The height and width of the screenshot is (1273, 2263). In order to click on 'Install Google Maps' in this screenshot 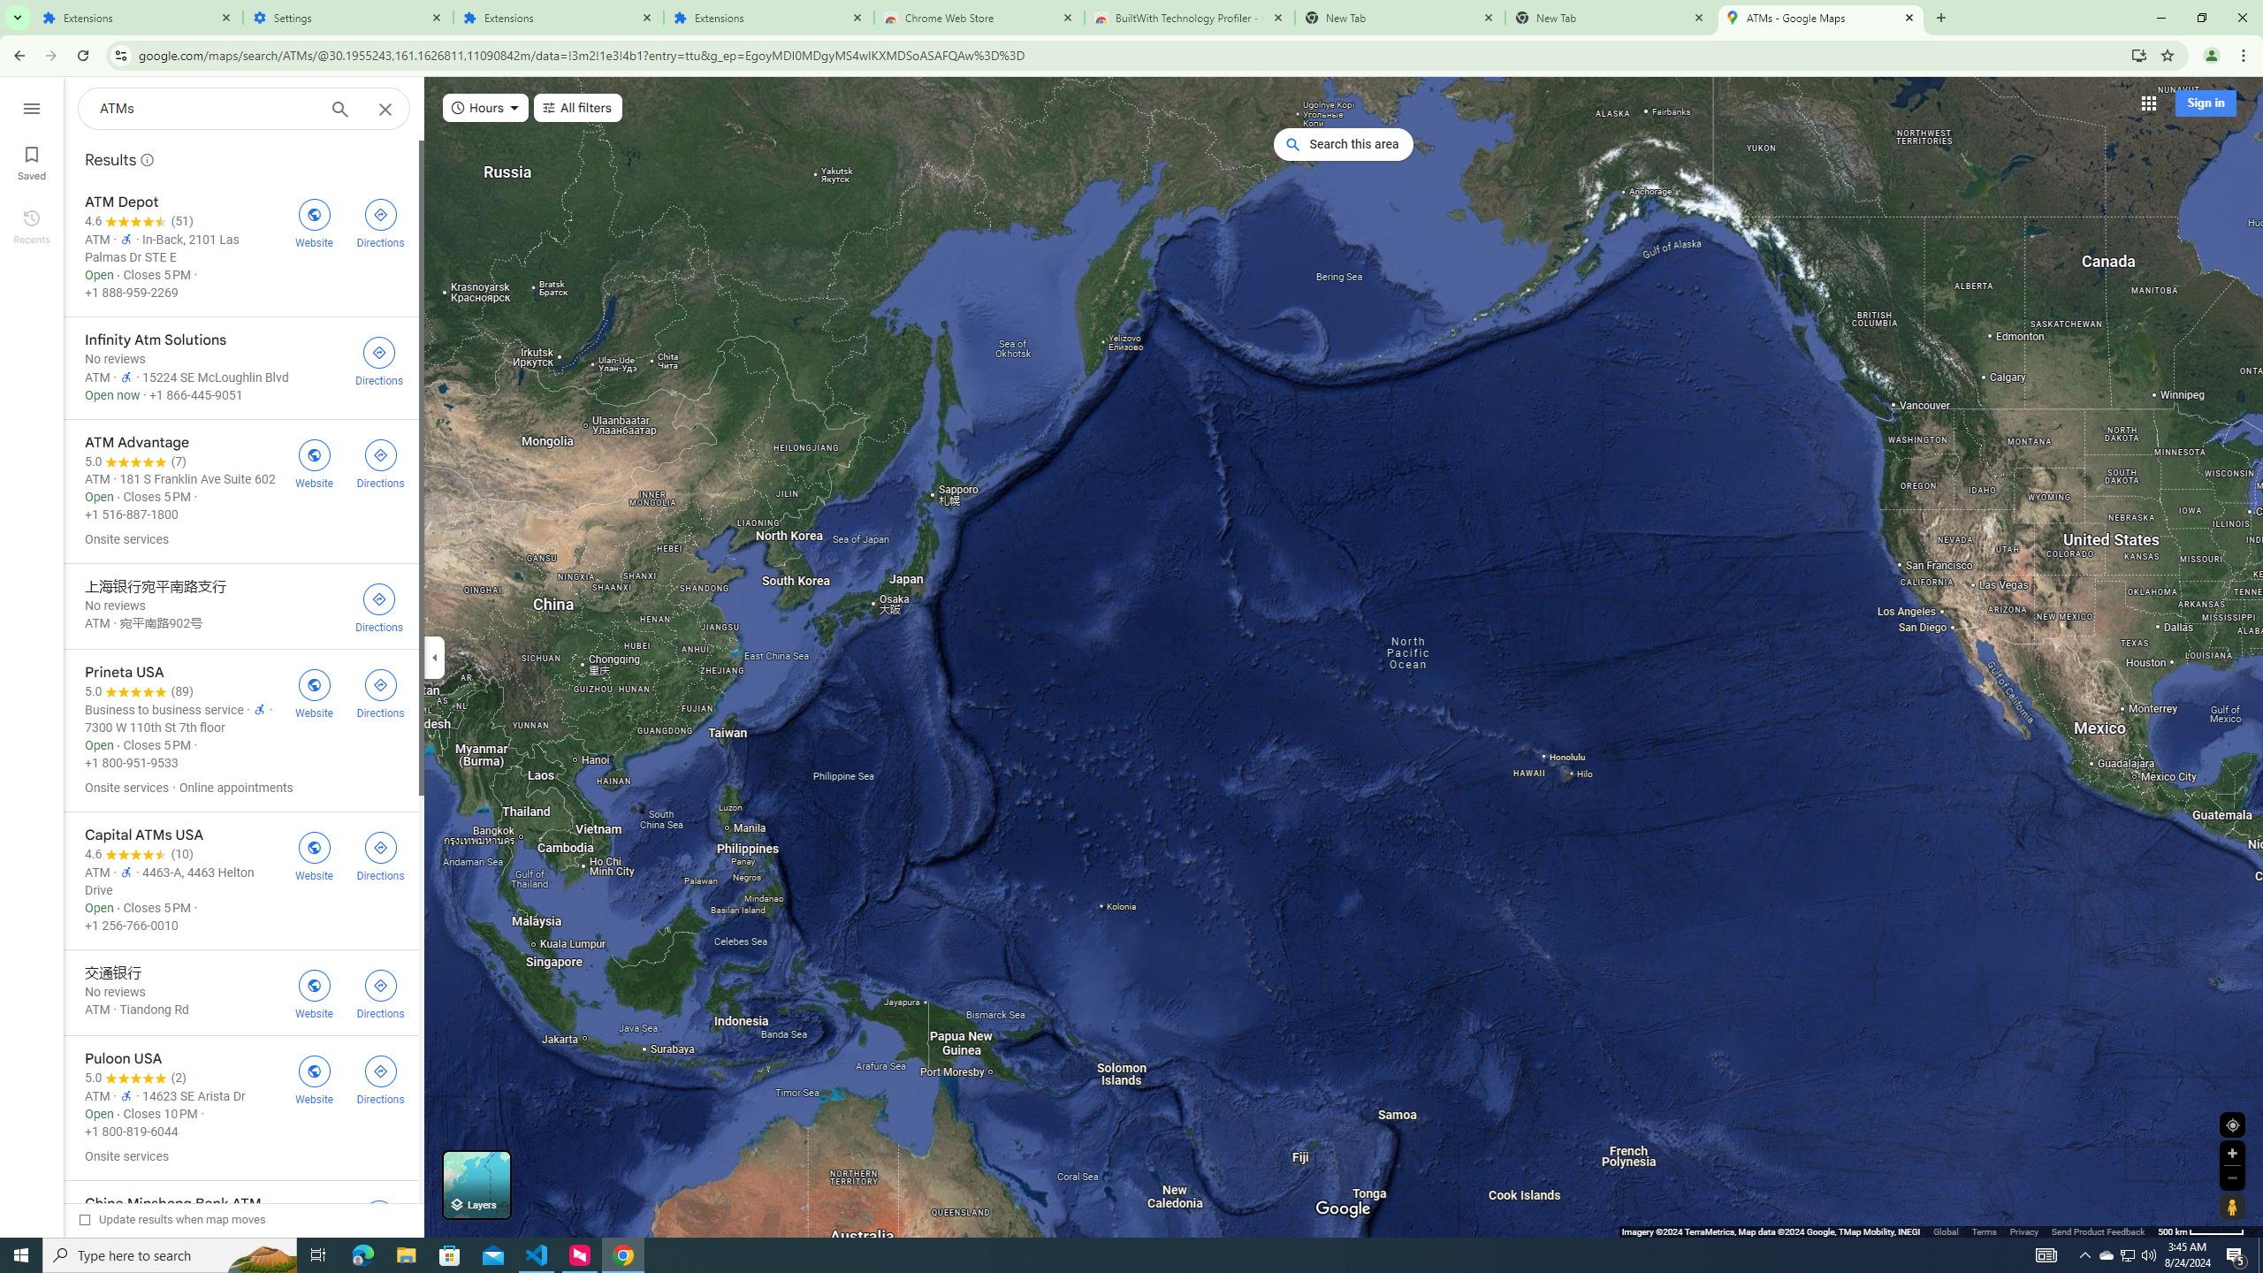, I will do `click(2139, 54)`.